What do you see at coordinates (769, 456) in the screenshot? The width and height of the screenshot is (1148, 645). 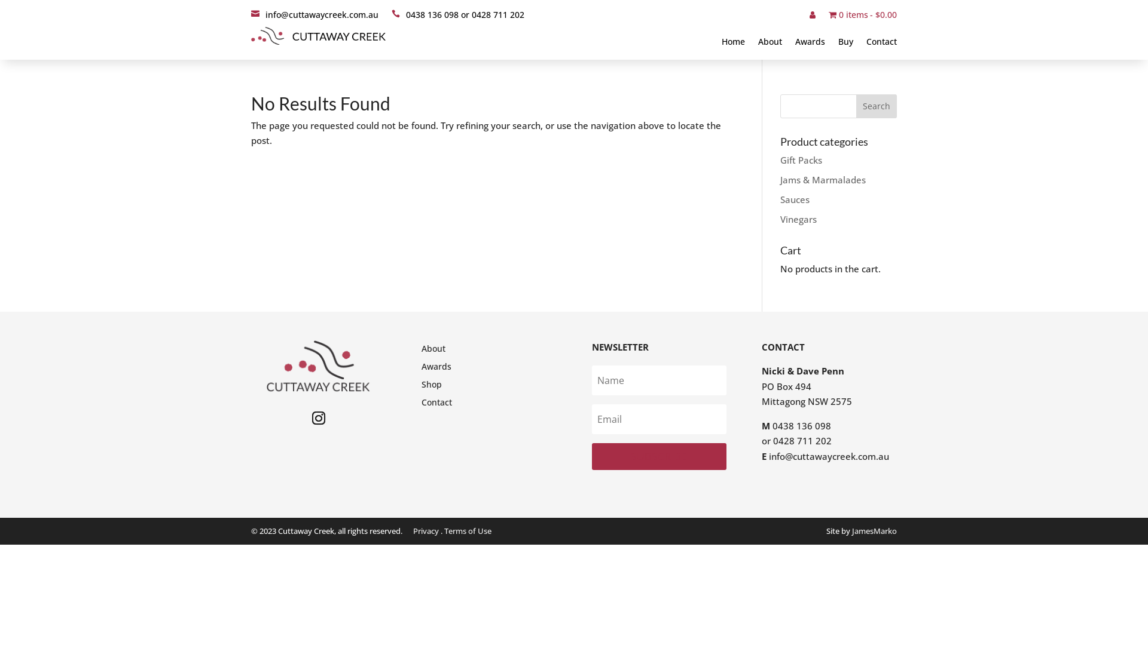 I see `'info@cuttawaycreek.com.au'` at bounding box center [769, 456].